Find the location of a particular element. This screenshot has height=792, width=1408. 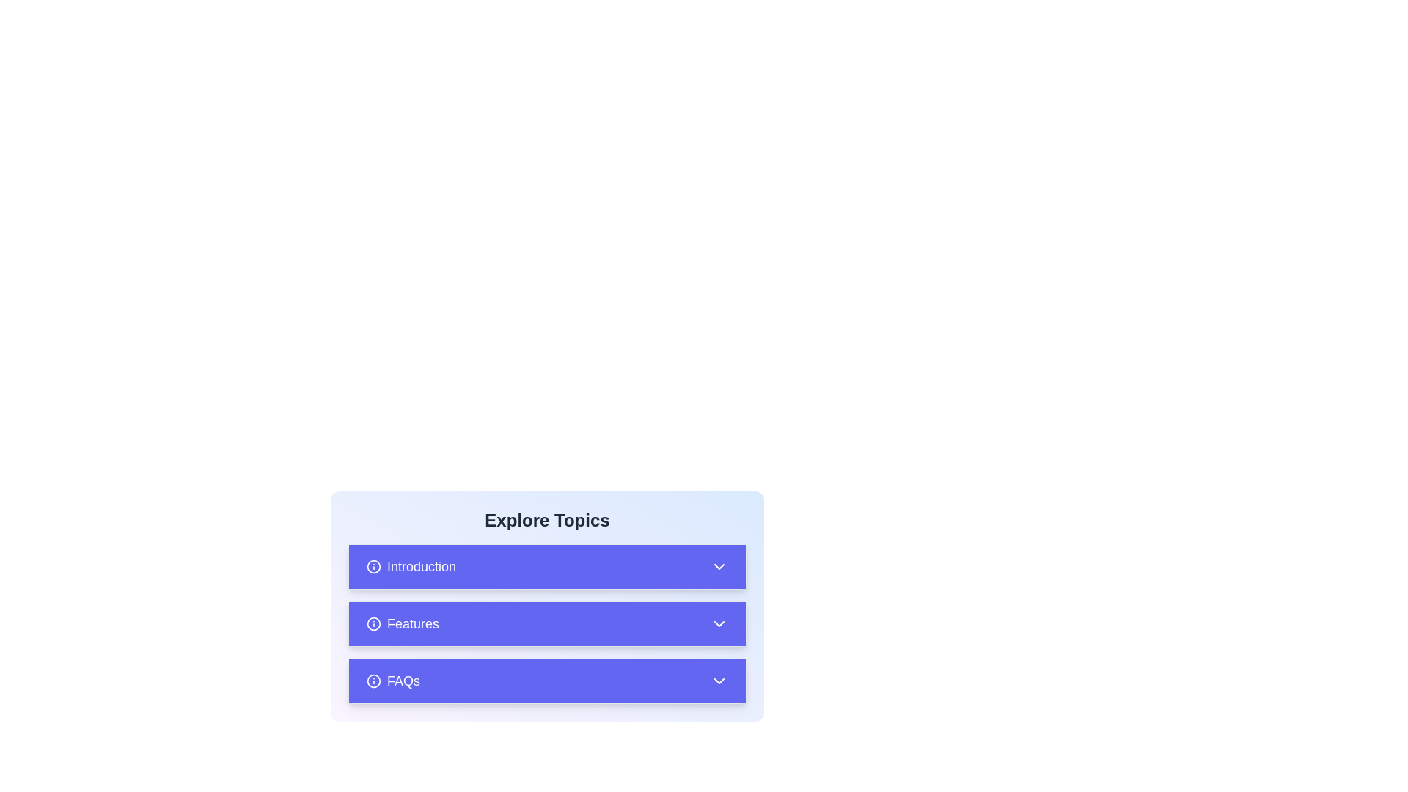

the SVG Circle icon within the button associated with the 'Introduction' expandable section, located in the 'Explore Topics' section is located at coordinates (373, 565).